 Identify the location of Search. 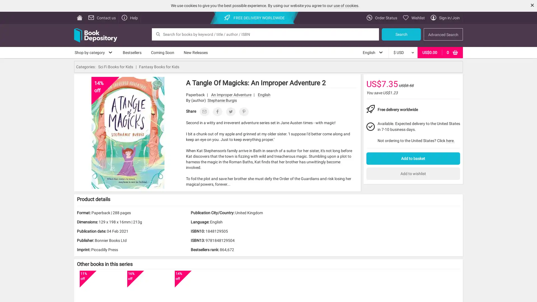
(401, 34).